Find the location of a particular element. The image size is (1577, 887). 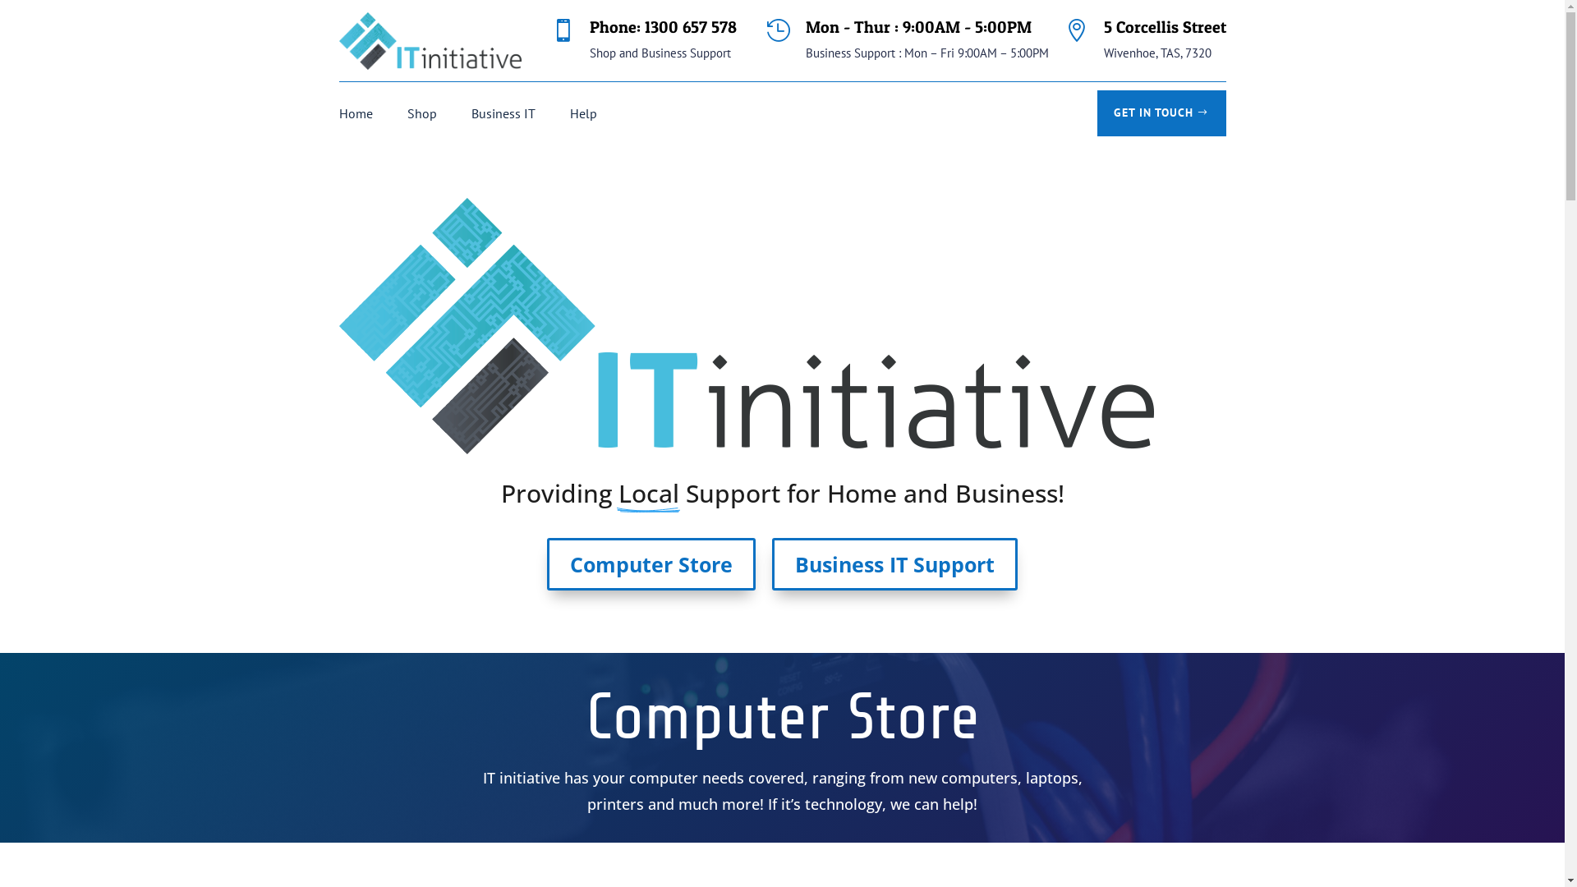

'Help' is located at coordinates (583, 116).